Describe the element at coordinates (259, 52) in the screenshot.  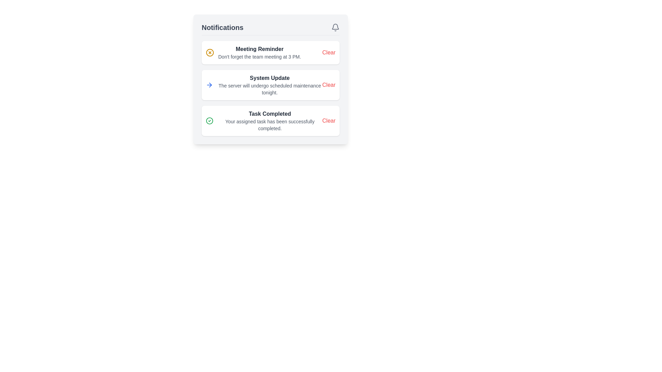
I see `the notification message that reminds the user about the upcoming meeting scheduled for 3 PM, located in the top section of the notification panel` at that location.